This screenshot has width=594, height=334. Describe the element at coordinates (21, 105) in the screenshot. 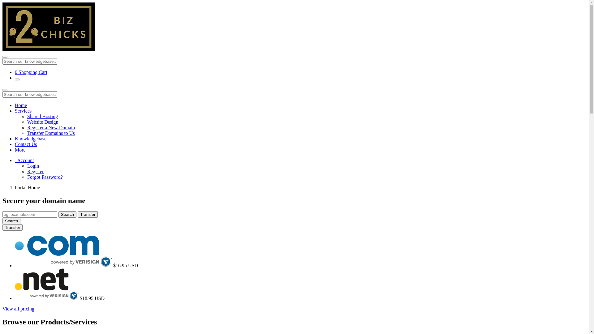

I see `'Home'` at that location.